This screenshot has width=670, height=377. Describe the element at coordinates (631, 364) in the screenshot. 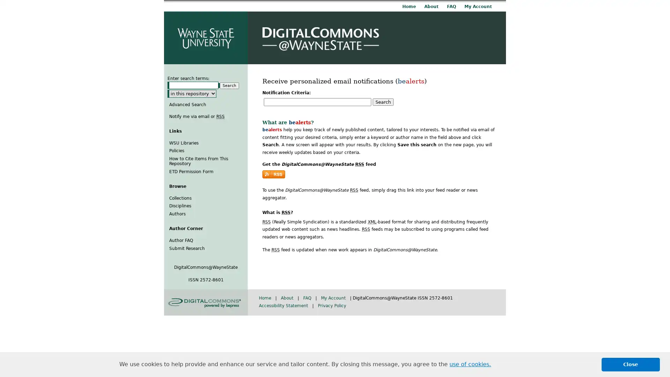

I see `dismiss cookie message` at that location.